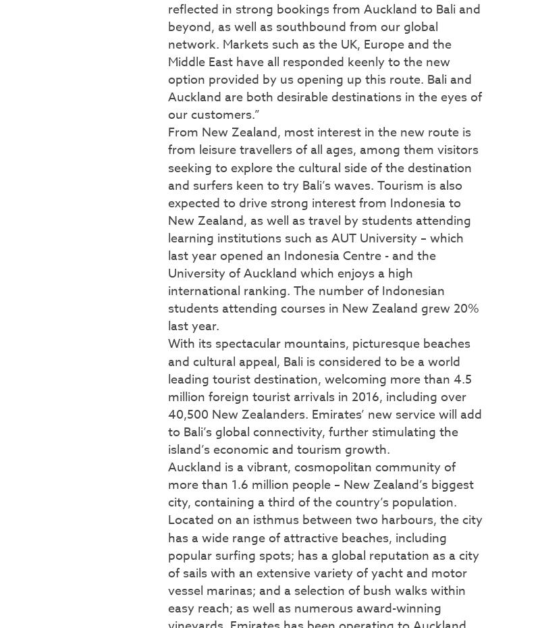 The image size is (540, 628). Describe the element at coordinates (40, 117) in the screenshot. I see `'Air transport'` at that location.